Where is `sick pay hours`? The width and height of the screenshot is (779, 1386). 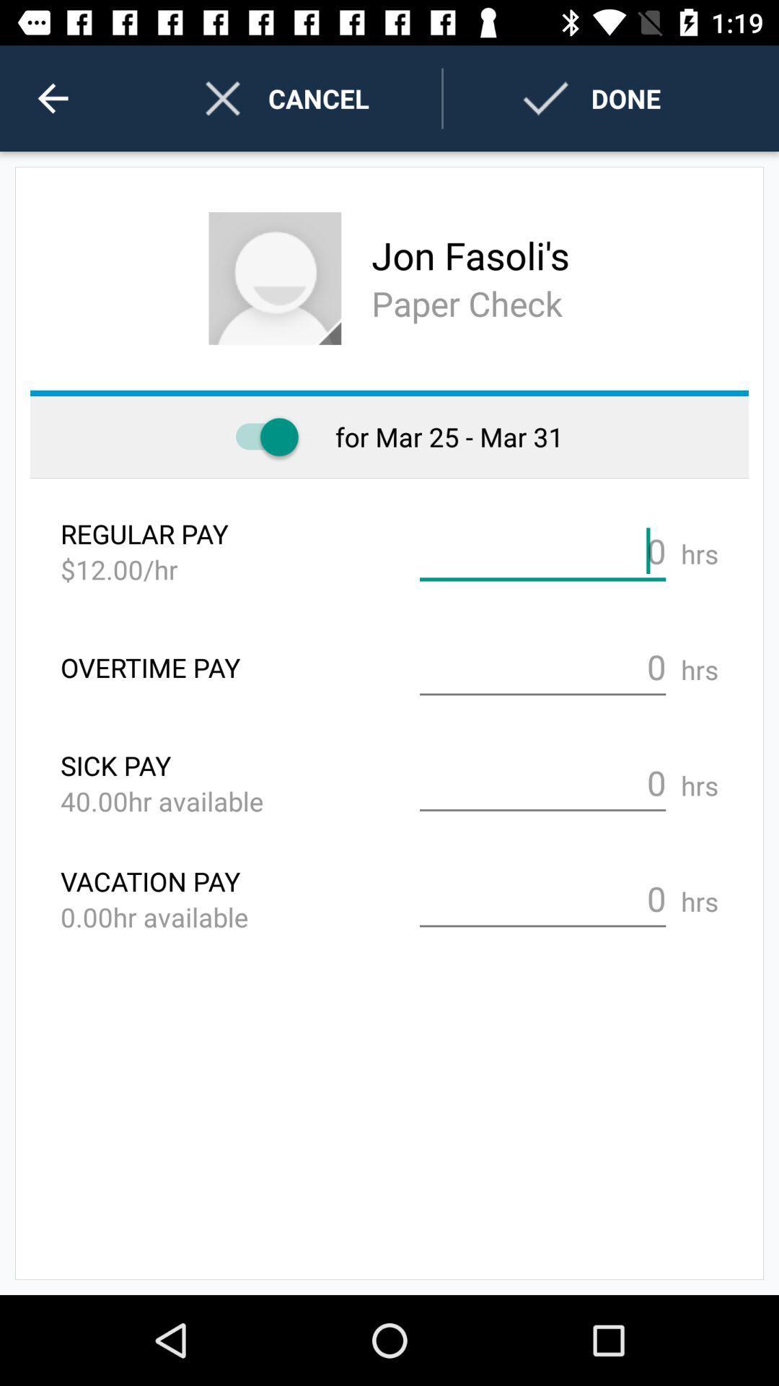
sick pay hours is located at coordinates (542, 783).